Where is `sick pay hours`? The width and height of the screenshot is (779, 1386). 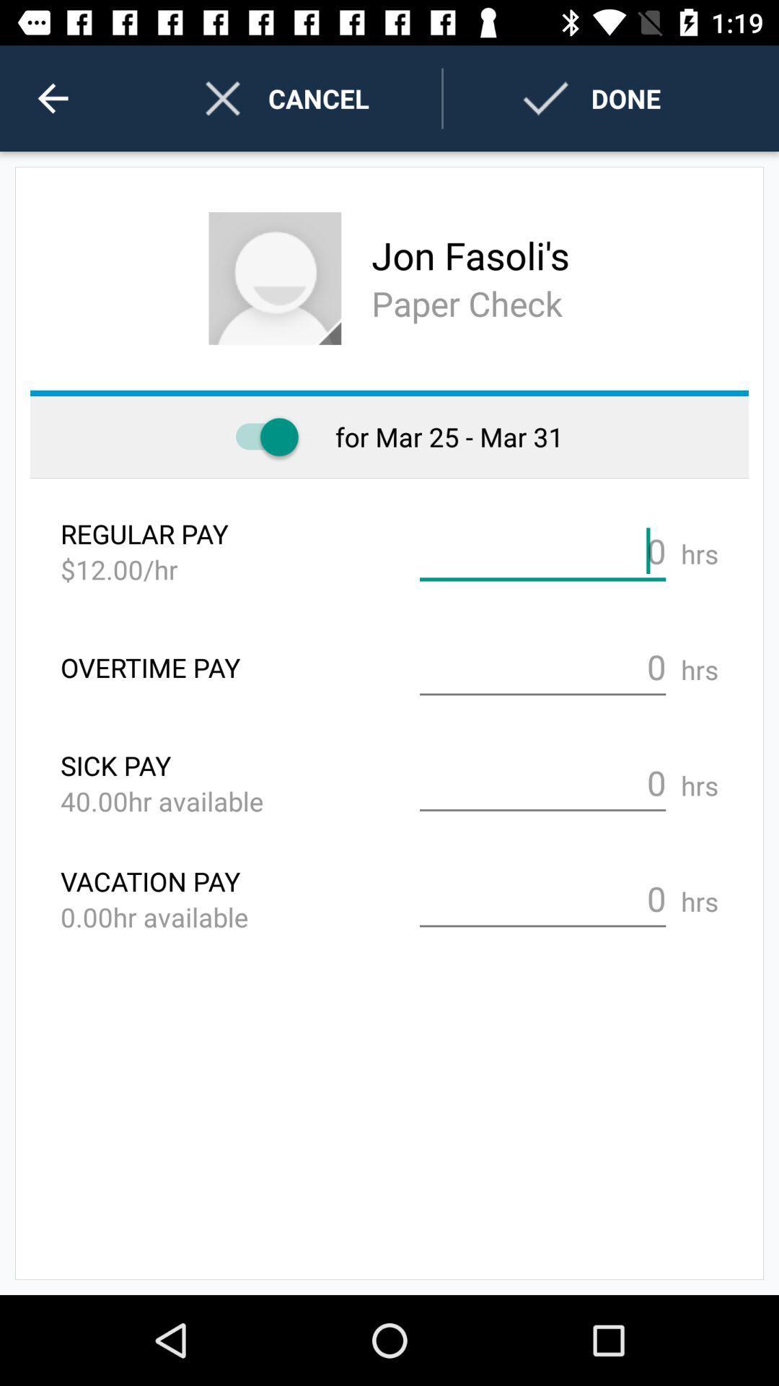
sick pay hours is located at coordinates (542, 783).